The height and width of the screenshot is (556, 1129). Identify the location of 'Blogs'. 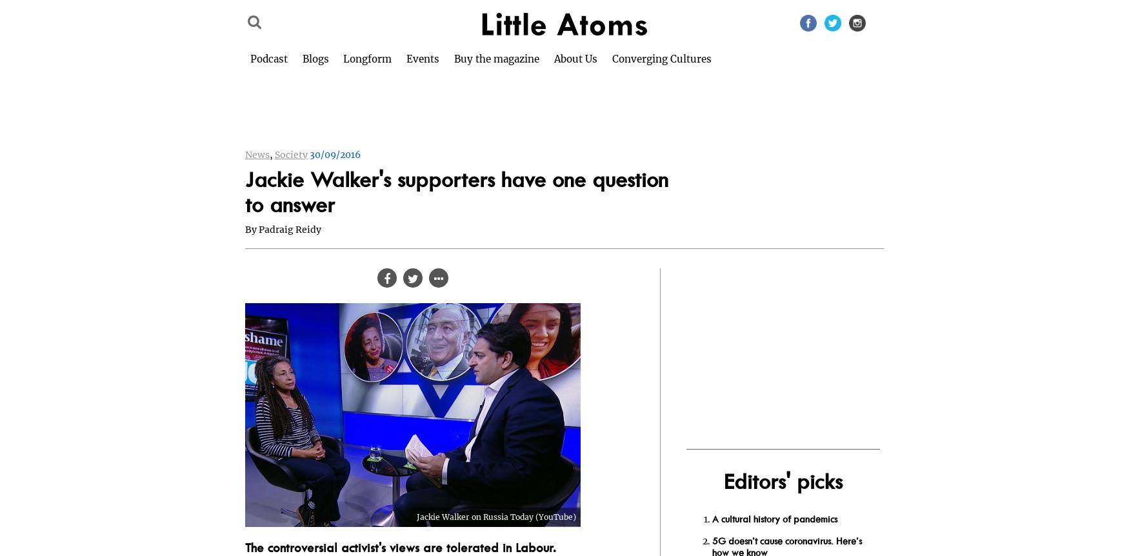
(325, 58).